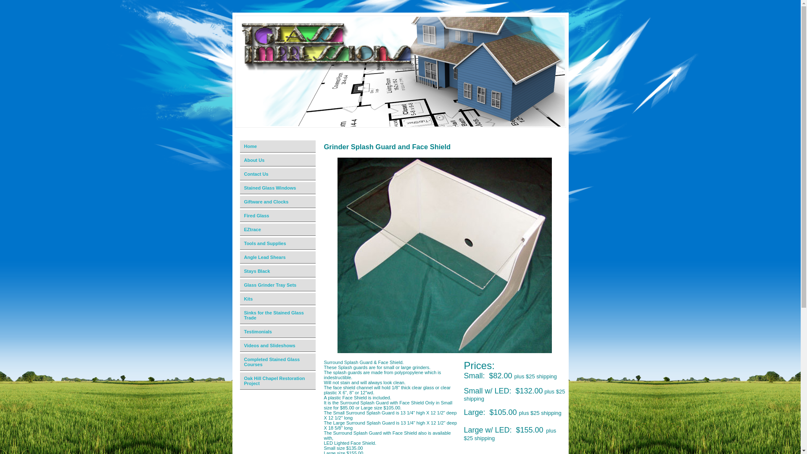  I want to click on 'Glass Grinder Tray Sets', so click(278, 285).